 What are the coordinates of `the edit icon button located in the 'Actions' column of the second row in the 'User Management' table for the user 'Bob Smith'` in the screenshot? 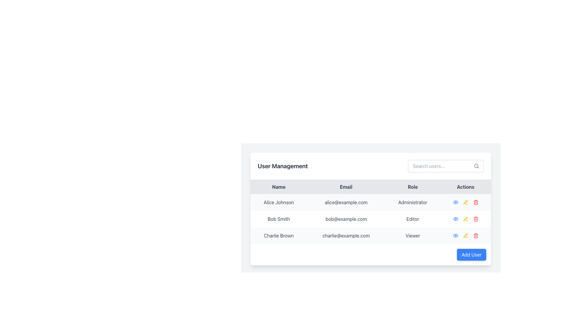 It's located at (465, 219).